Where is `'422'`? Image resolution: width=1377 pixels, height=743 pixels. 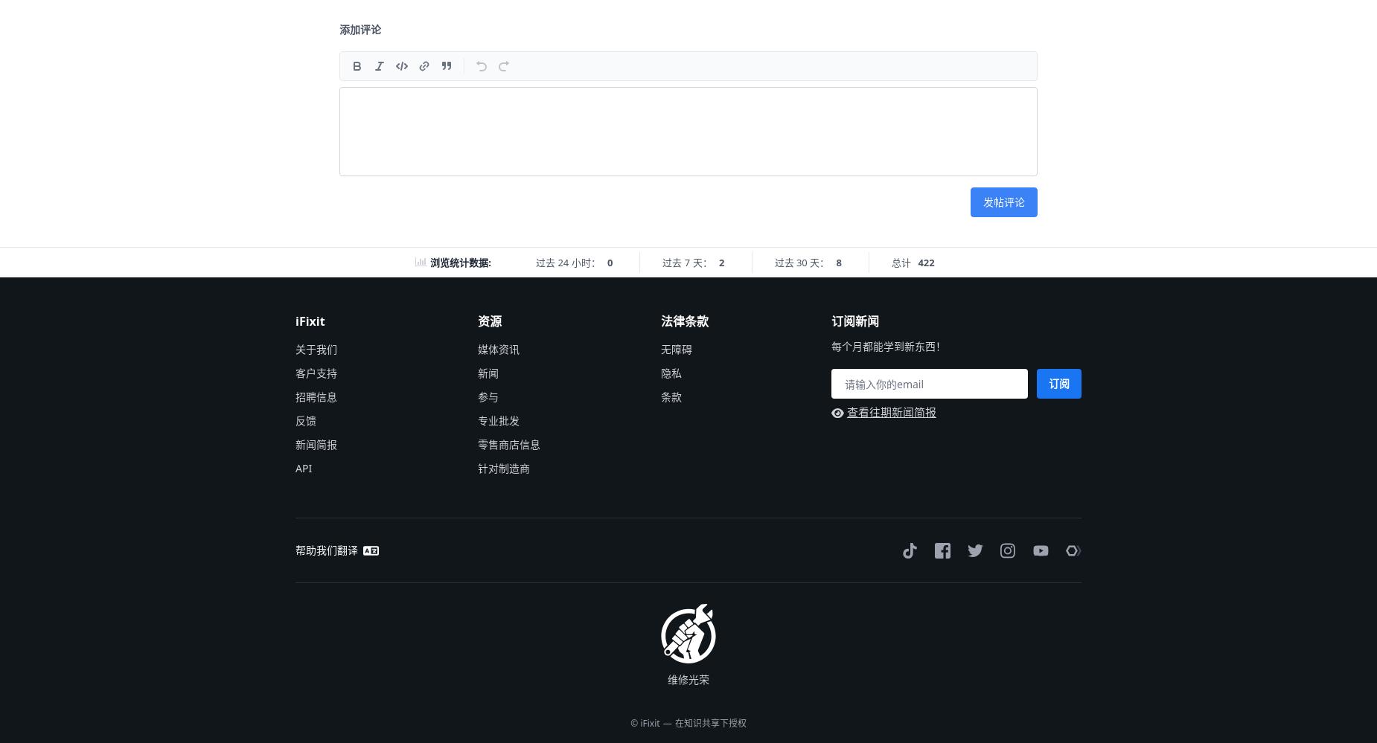 '422' is located at coordinates (924, 262).